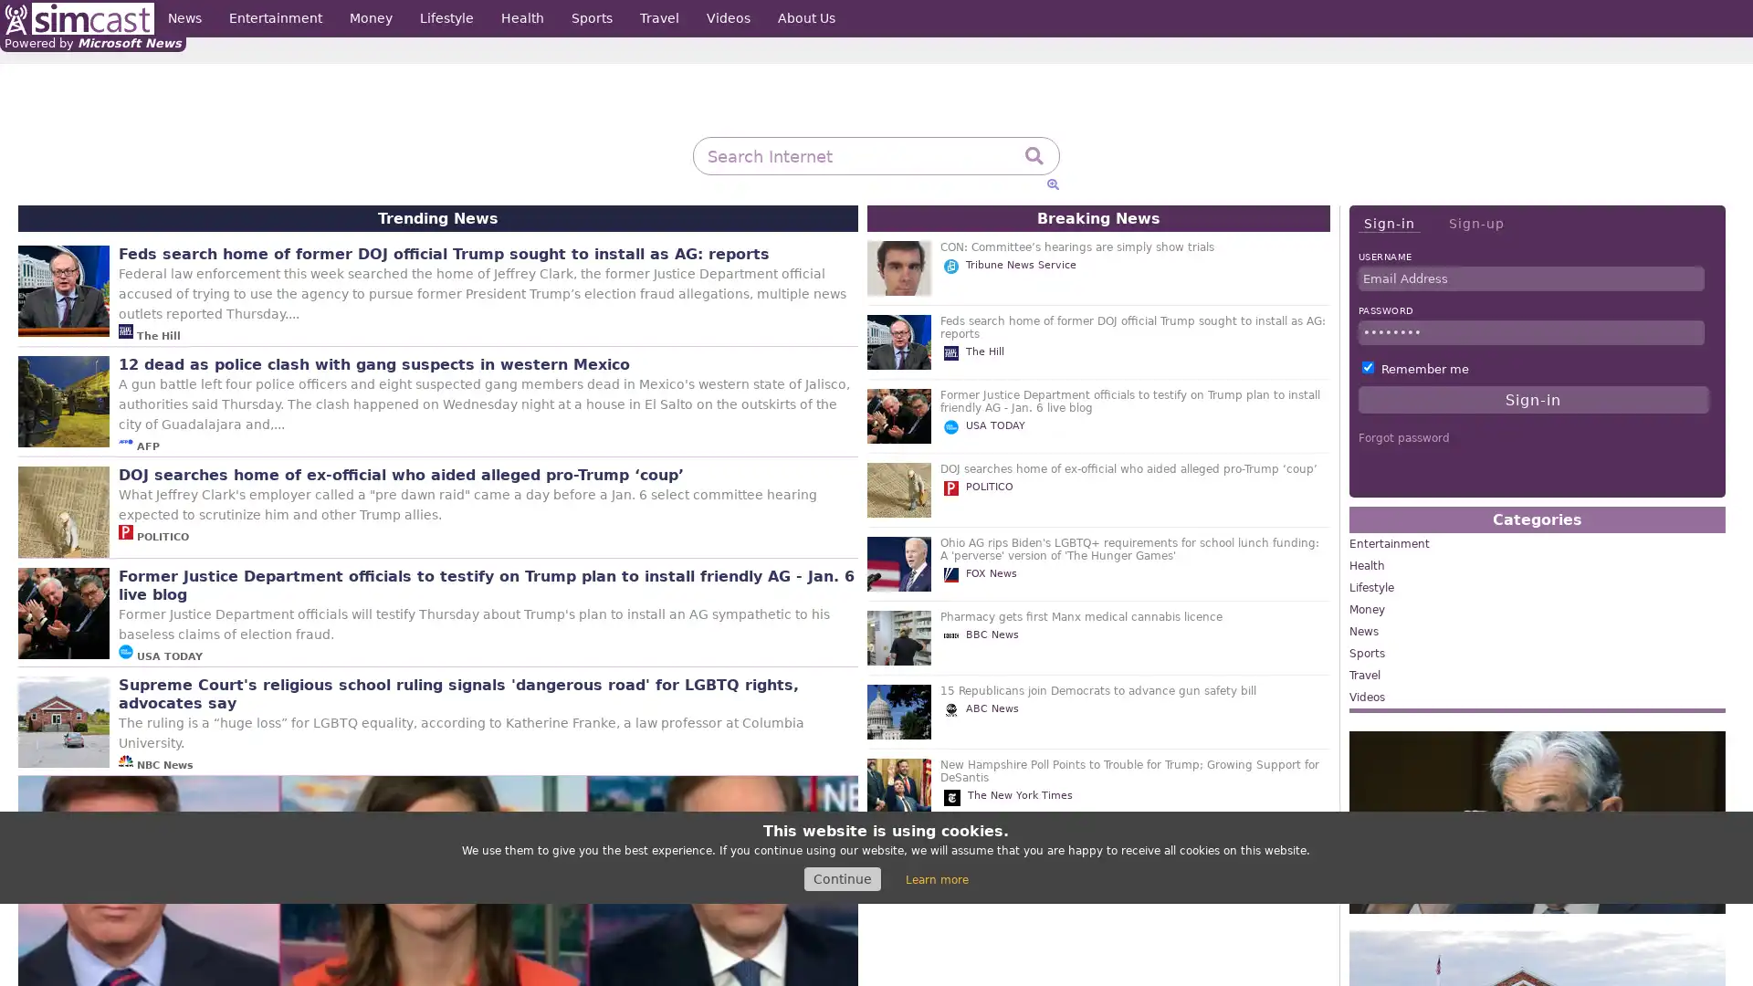 Image resolution: width=1753 pixels, height=986 pixels. What do you see at coordinates (841, 878) in the screenshot?
I see `Continue` at bounding box center [841, 878].